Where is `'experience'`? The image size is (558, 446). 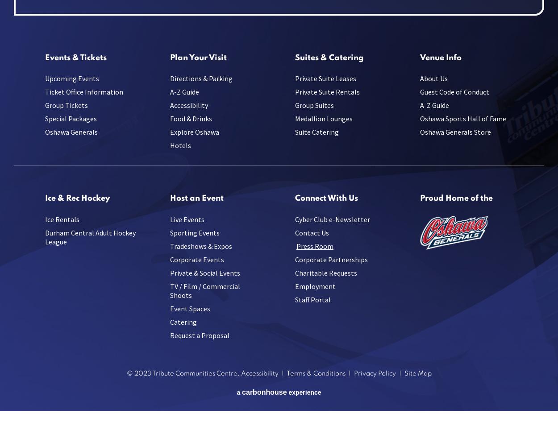
'experience' is located at coordinates (304, 392).